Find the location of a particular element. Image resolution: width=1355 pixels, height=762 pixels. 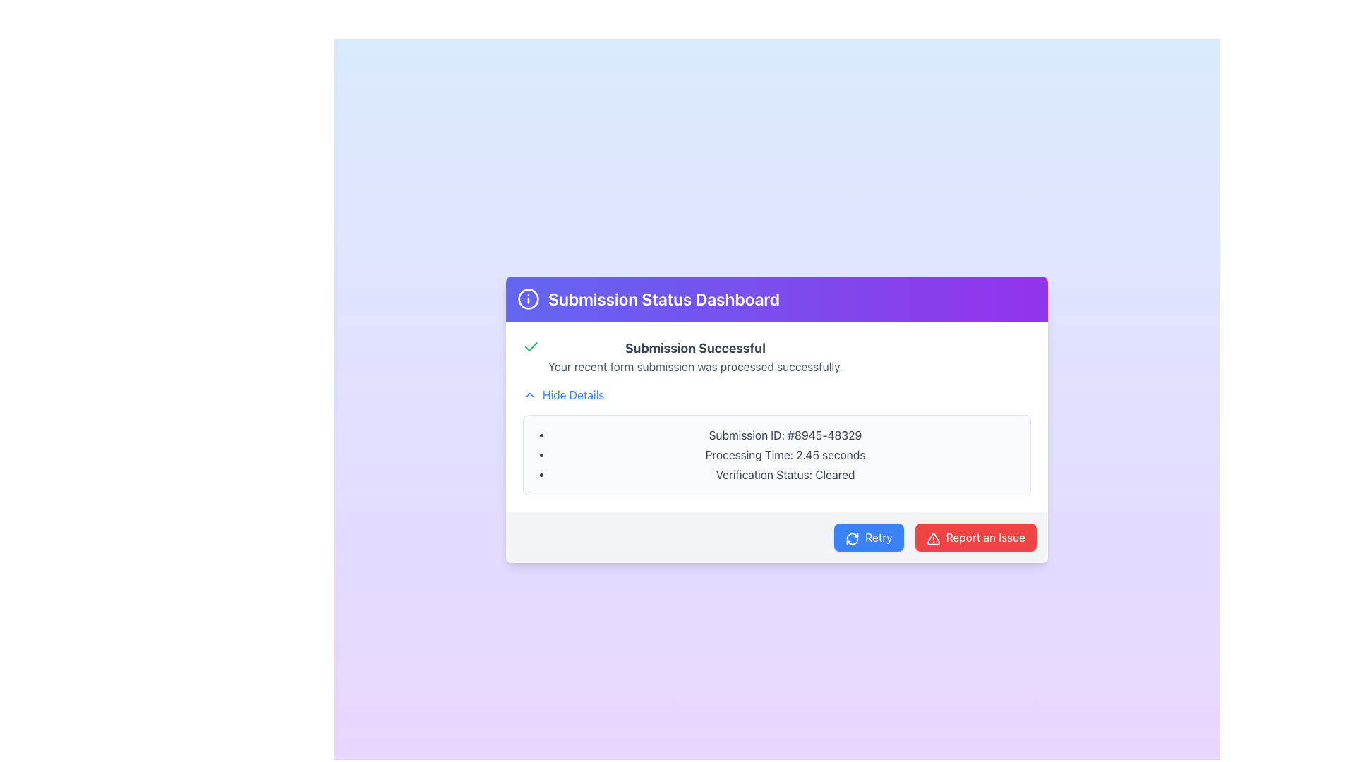

notification message titled 'Submission Successful' with a green checkmark icon, located in the main content area of the 'Submission Status Dashboard' is located at coordinates (776, 356).